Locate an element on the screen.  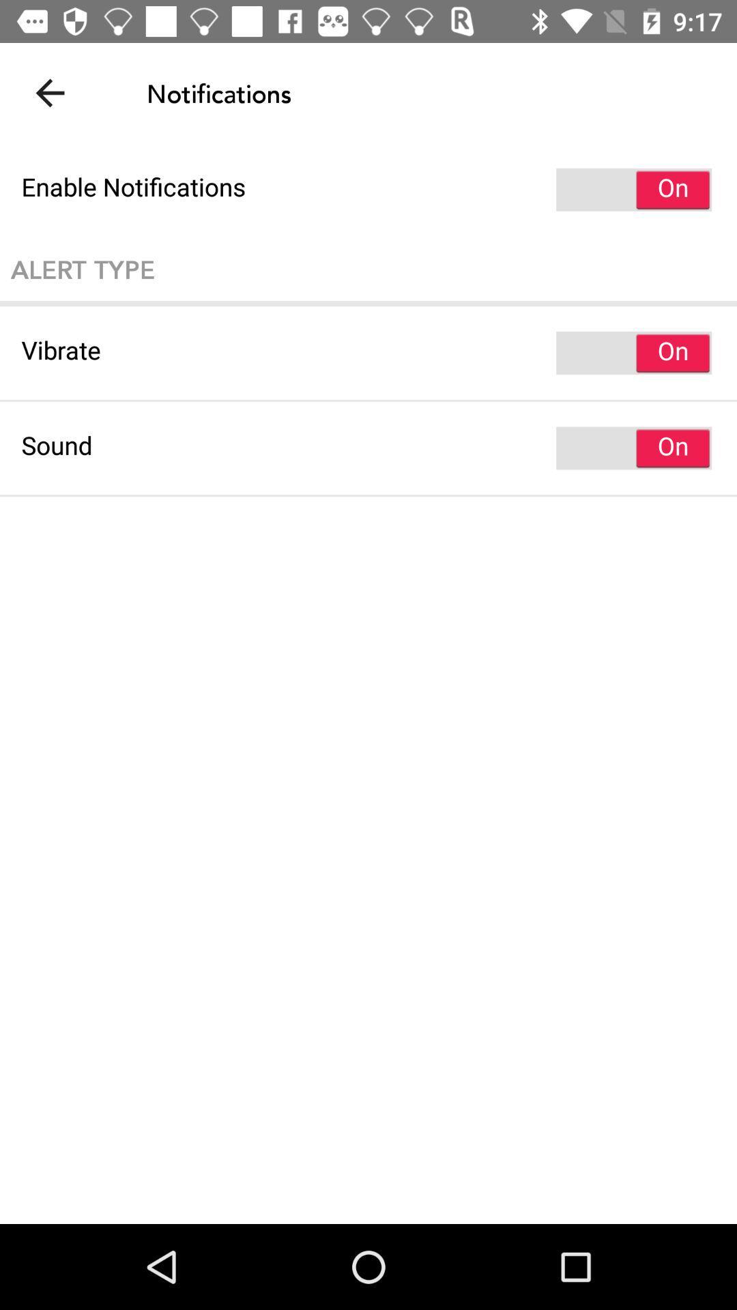
vibrate is located at coordinates (369, 353).